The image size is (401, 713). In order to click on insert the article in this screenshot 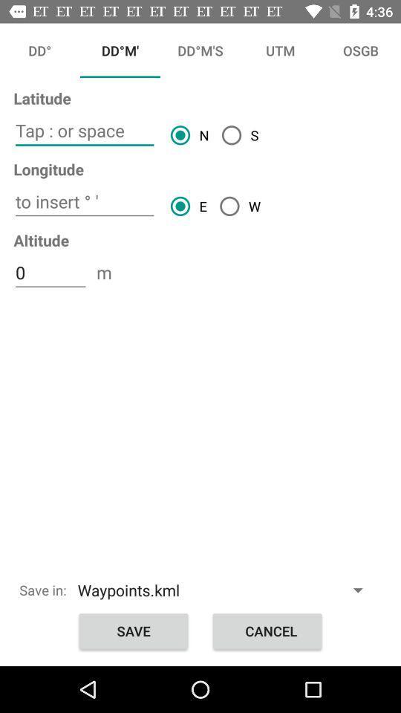, I will do `click(85, 201)`.